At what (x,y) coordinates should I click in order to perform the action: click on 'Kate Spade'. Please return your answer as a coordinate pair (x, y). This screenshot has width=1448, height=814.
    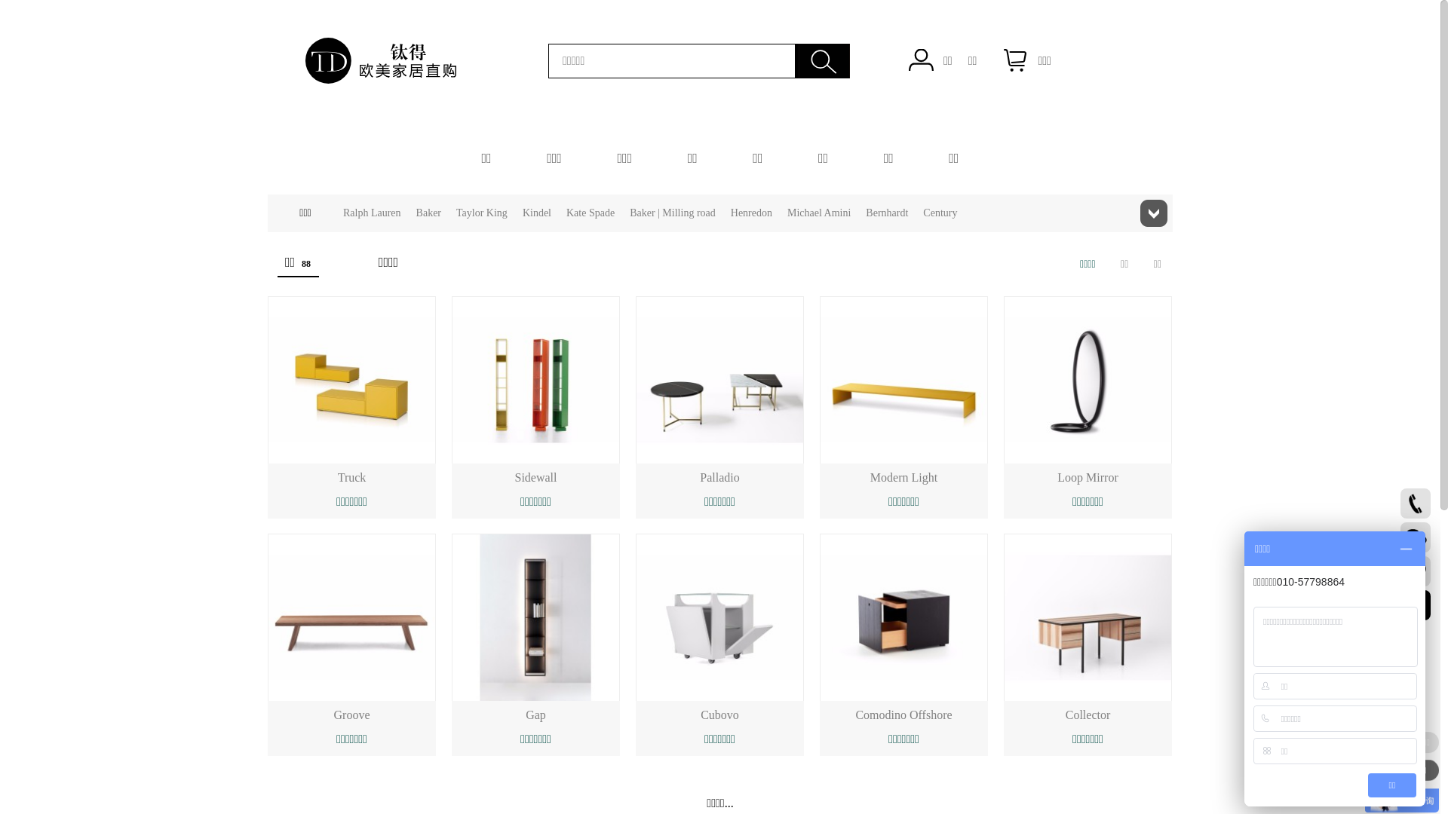
    Looking at the image, I should click on (589, 213).